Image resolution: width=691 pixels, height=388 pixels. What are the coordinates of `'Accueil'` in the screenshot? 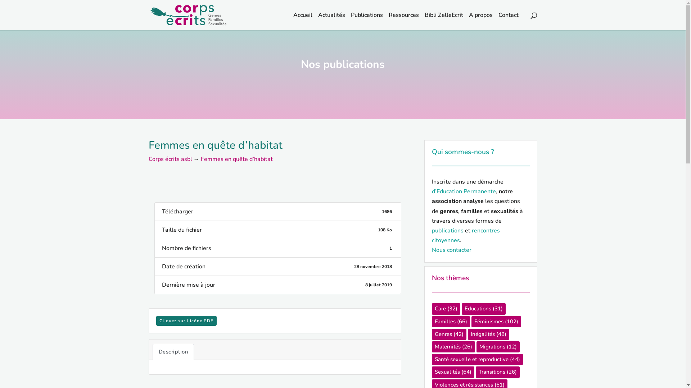 It's located at (302, 21).